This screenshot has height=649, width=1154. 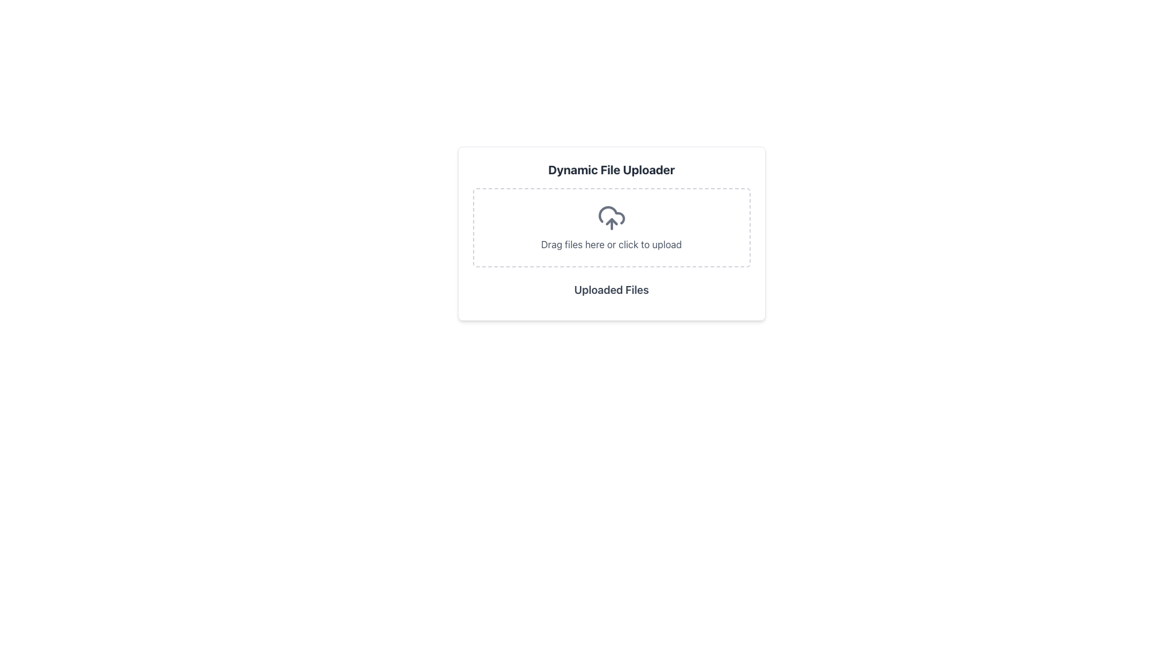 What do you see at coordinates (611, 244) in the screenshot?
I see `the instructional label for file upload, which is positioned beneath the cloud upload icon and within a dashed outline indicating the upload area` at bounding box center [611, 244].